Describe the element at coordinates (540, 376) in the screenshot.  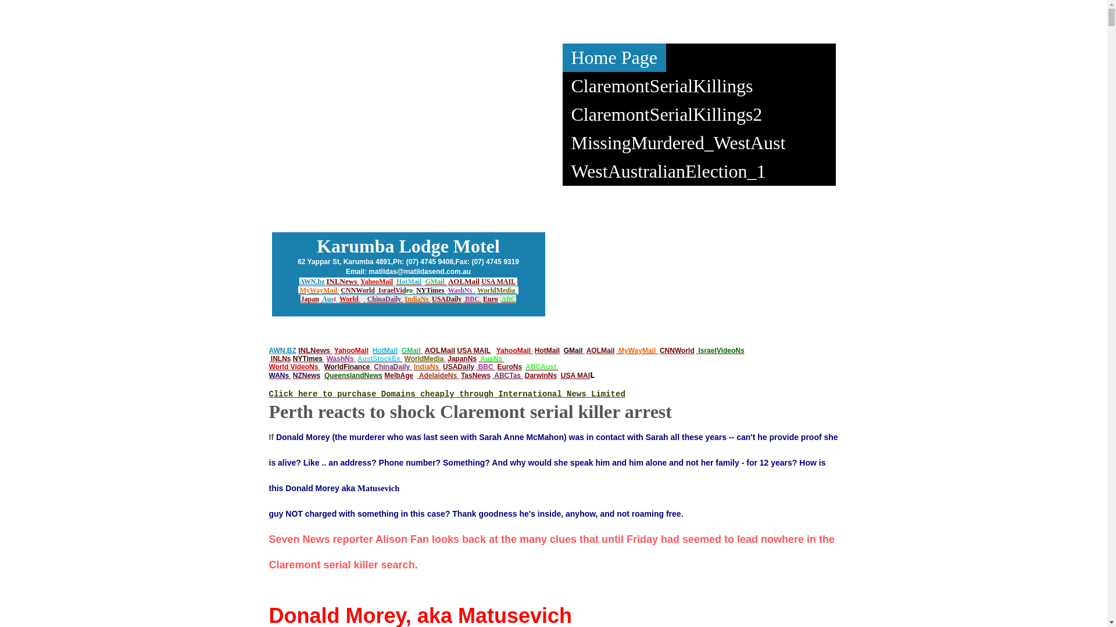
I see `'DarwinNs'` at that location.